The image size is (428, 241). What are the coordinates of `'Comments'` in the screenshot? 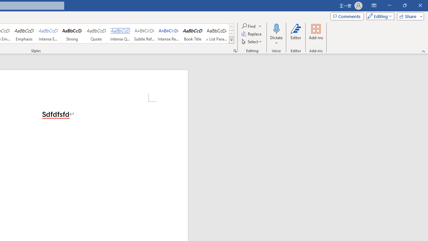 It's located at (347, 16).